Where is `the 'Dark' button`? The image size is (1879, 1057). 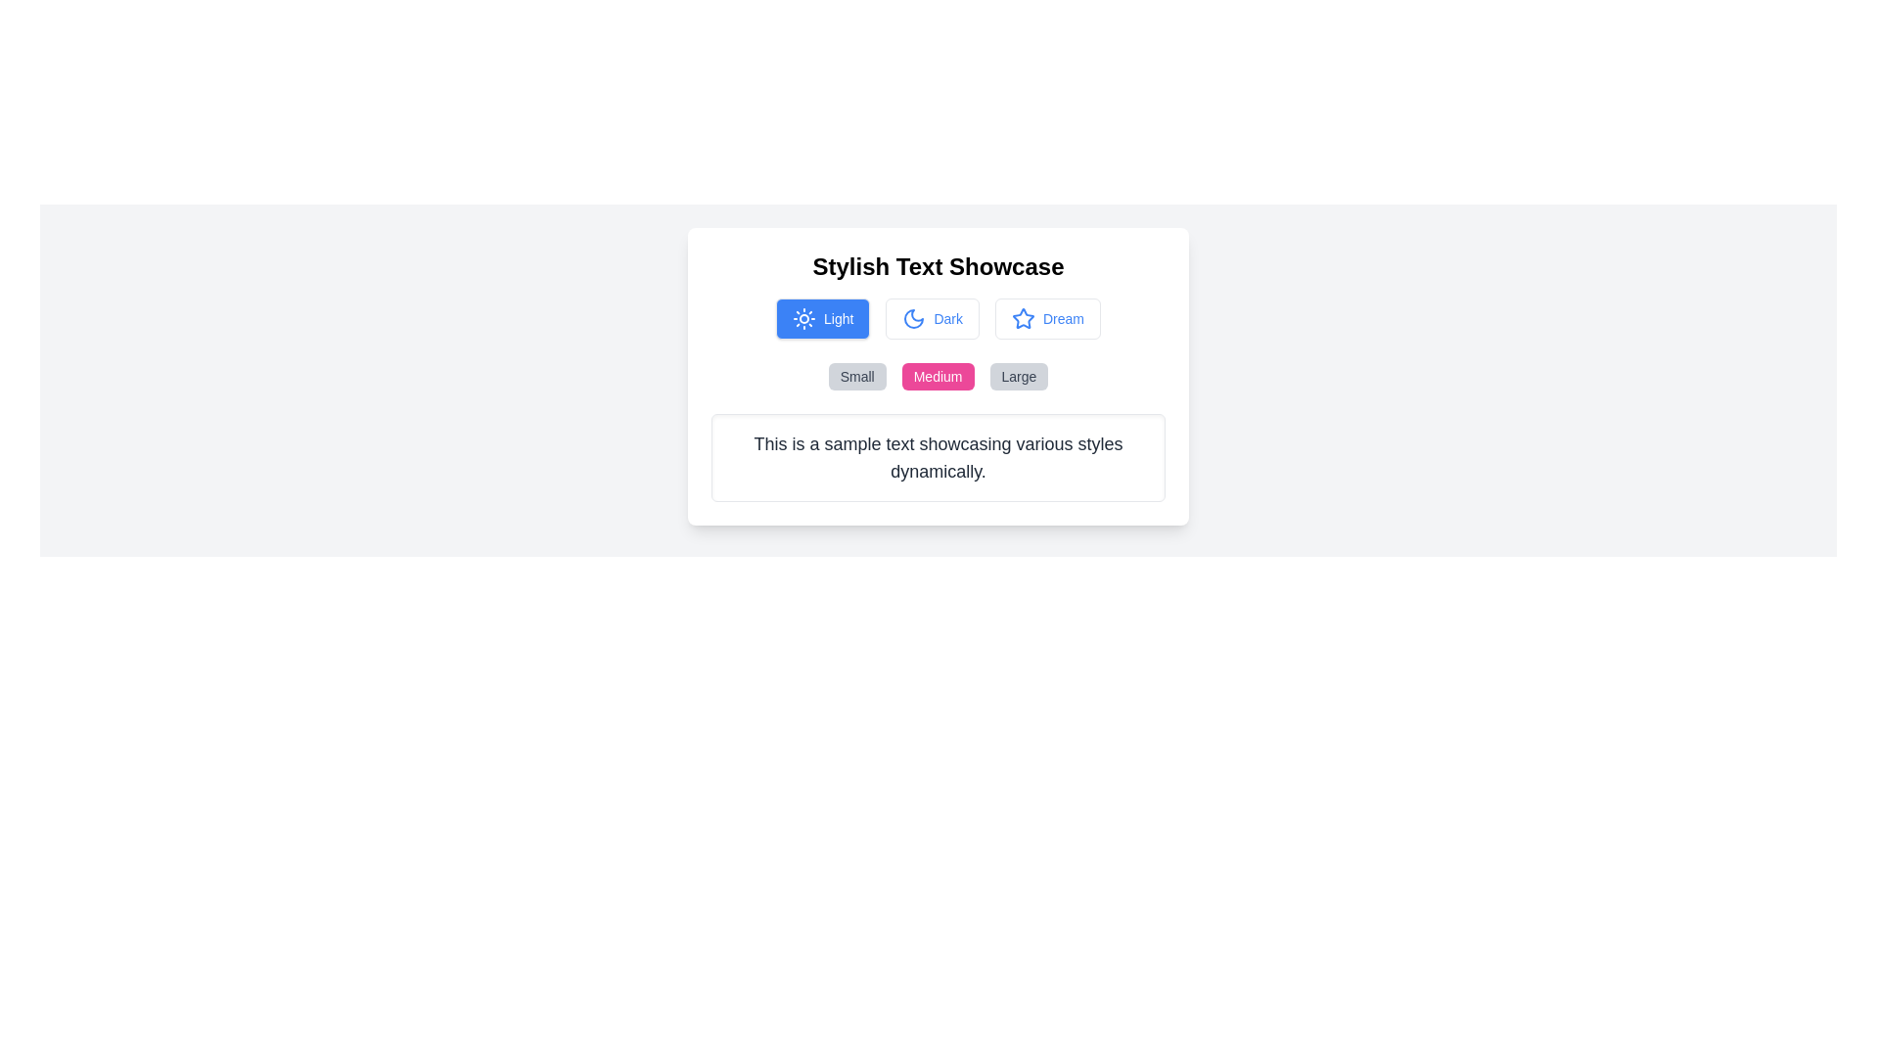 the 'Dark' button is located at coordinates (932, 318).